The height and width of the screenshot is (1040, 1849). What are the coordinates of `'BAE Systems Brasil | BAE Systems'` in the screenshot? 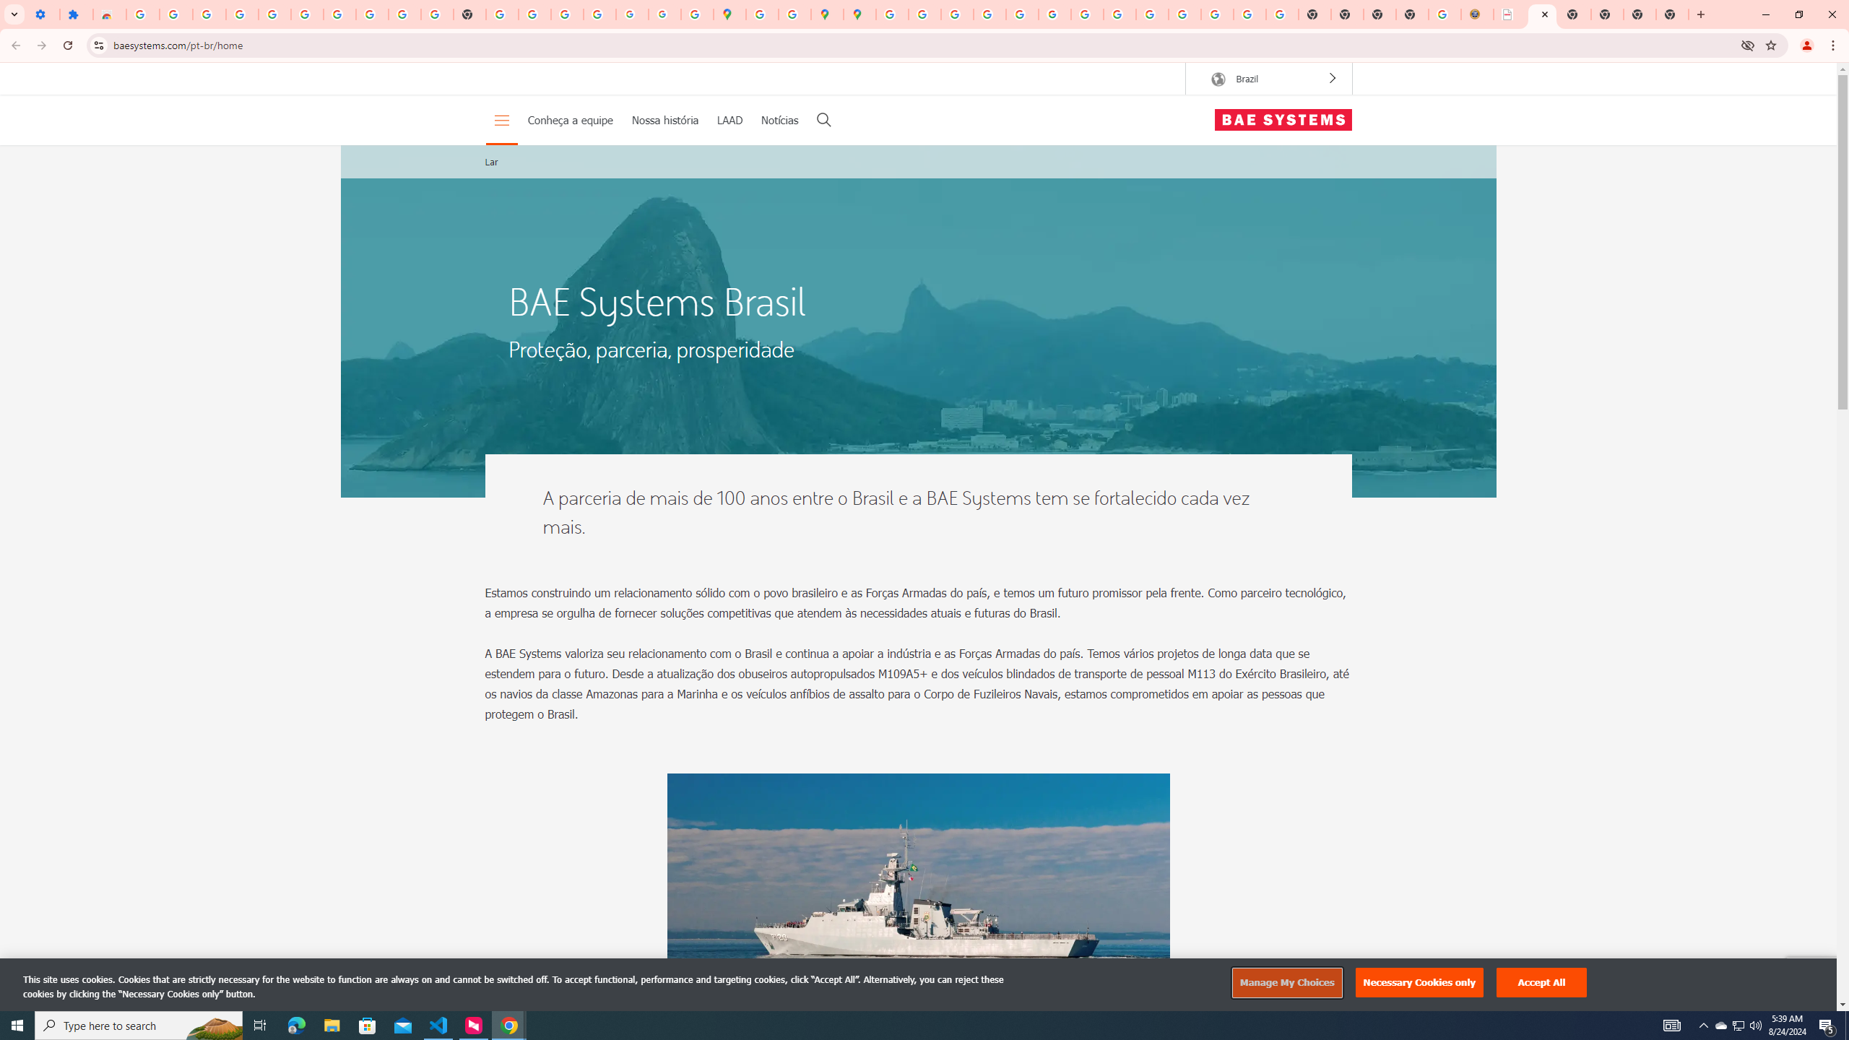 It's located at (1542, 14).